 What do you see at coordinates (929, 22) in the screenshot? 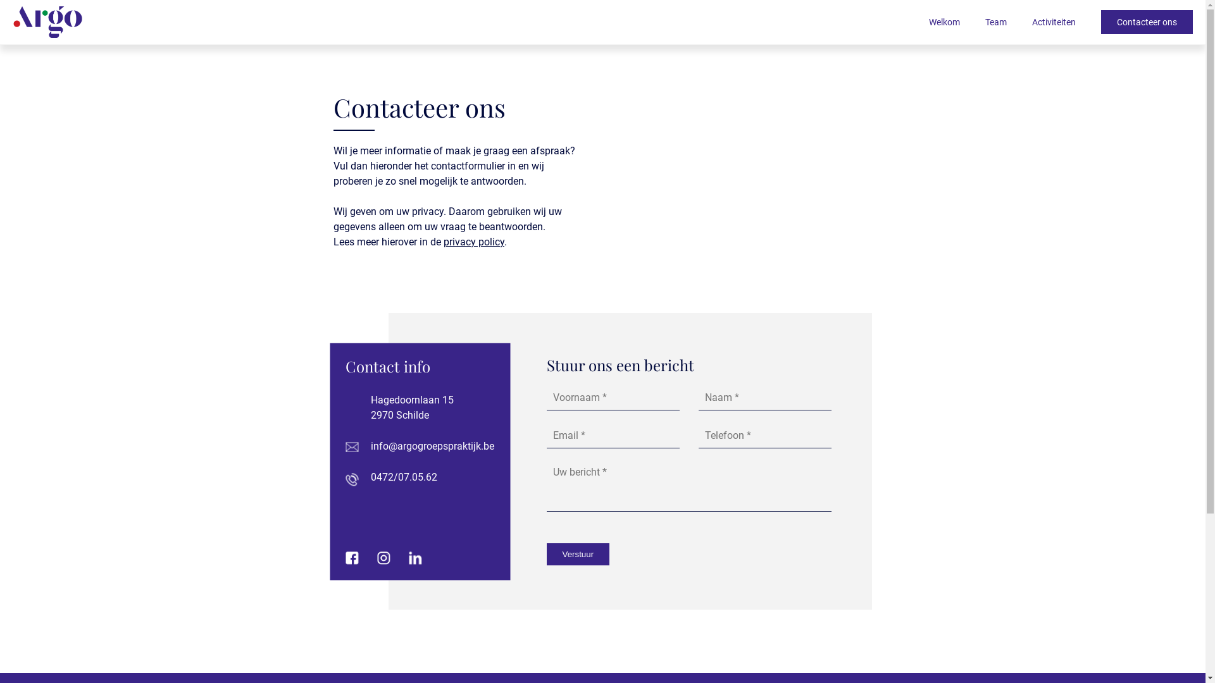
I see `'Welkom'` at bounding box center [929, 22].